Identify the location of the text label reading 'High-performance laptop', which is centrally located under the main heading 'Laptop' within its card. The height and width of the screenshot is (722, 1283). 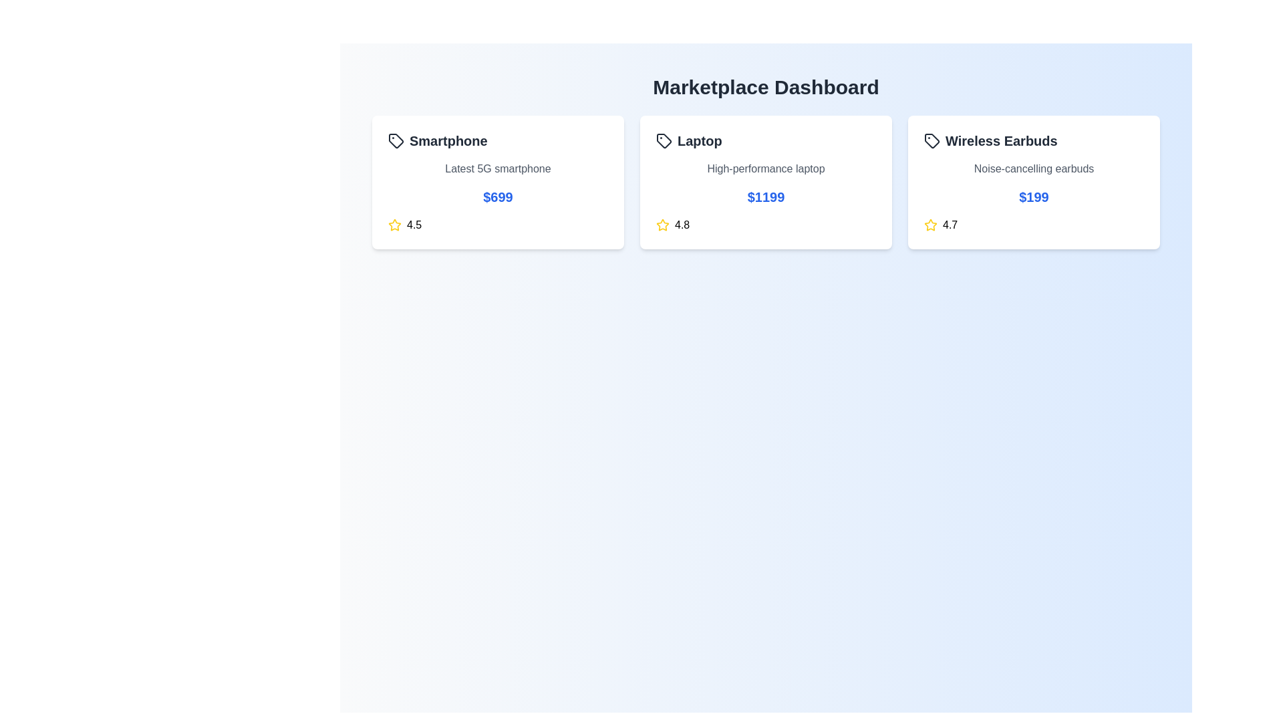
(766, 168).